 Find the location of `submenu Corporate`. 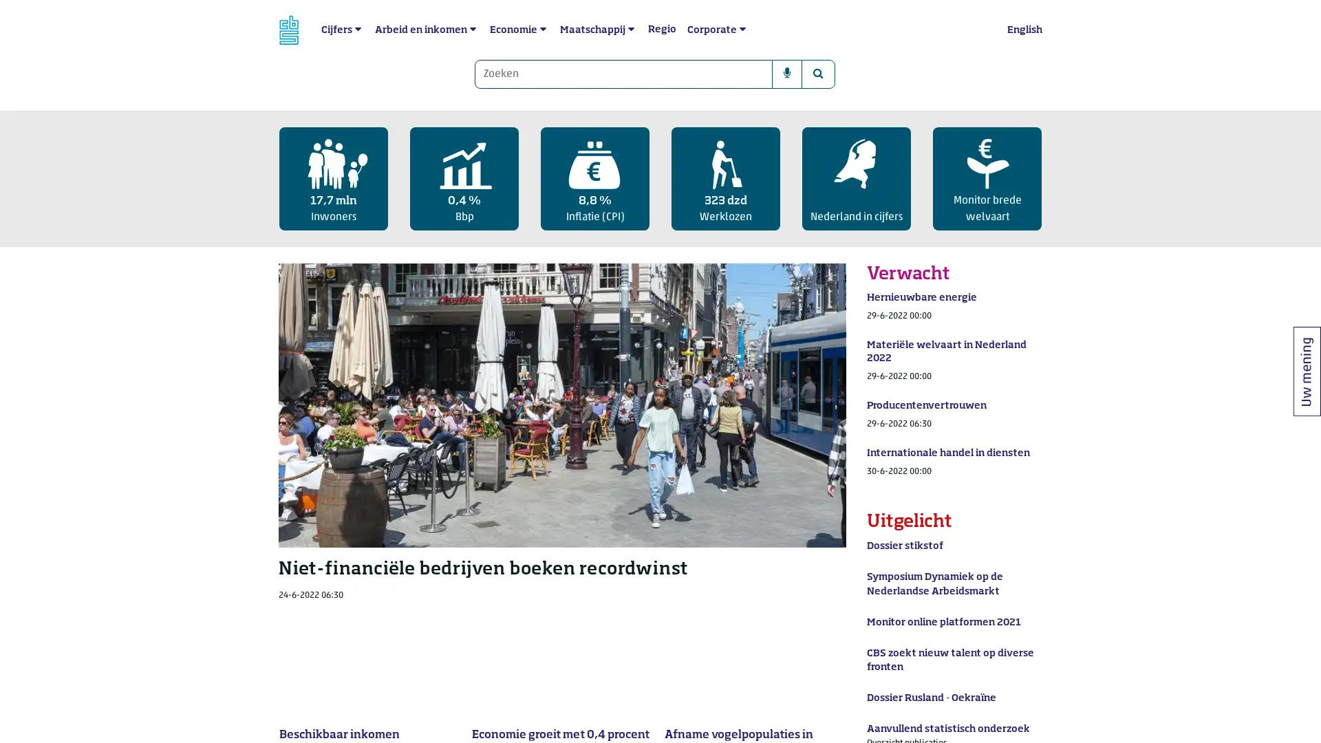

submenu Corporate is located at coordinates (742, 29).